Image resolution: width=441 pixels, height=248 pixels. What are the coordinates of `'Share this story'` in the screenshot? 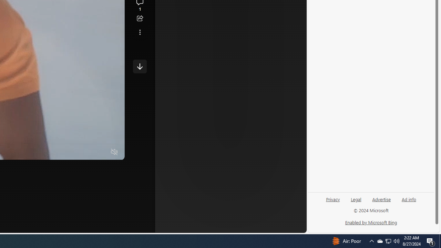 It's located at (140, 18).